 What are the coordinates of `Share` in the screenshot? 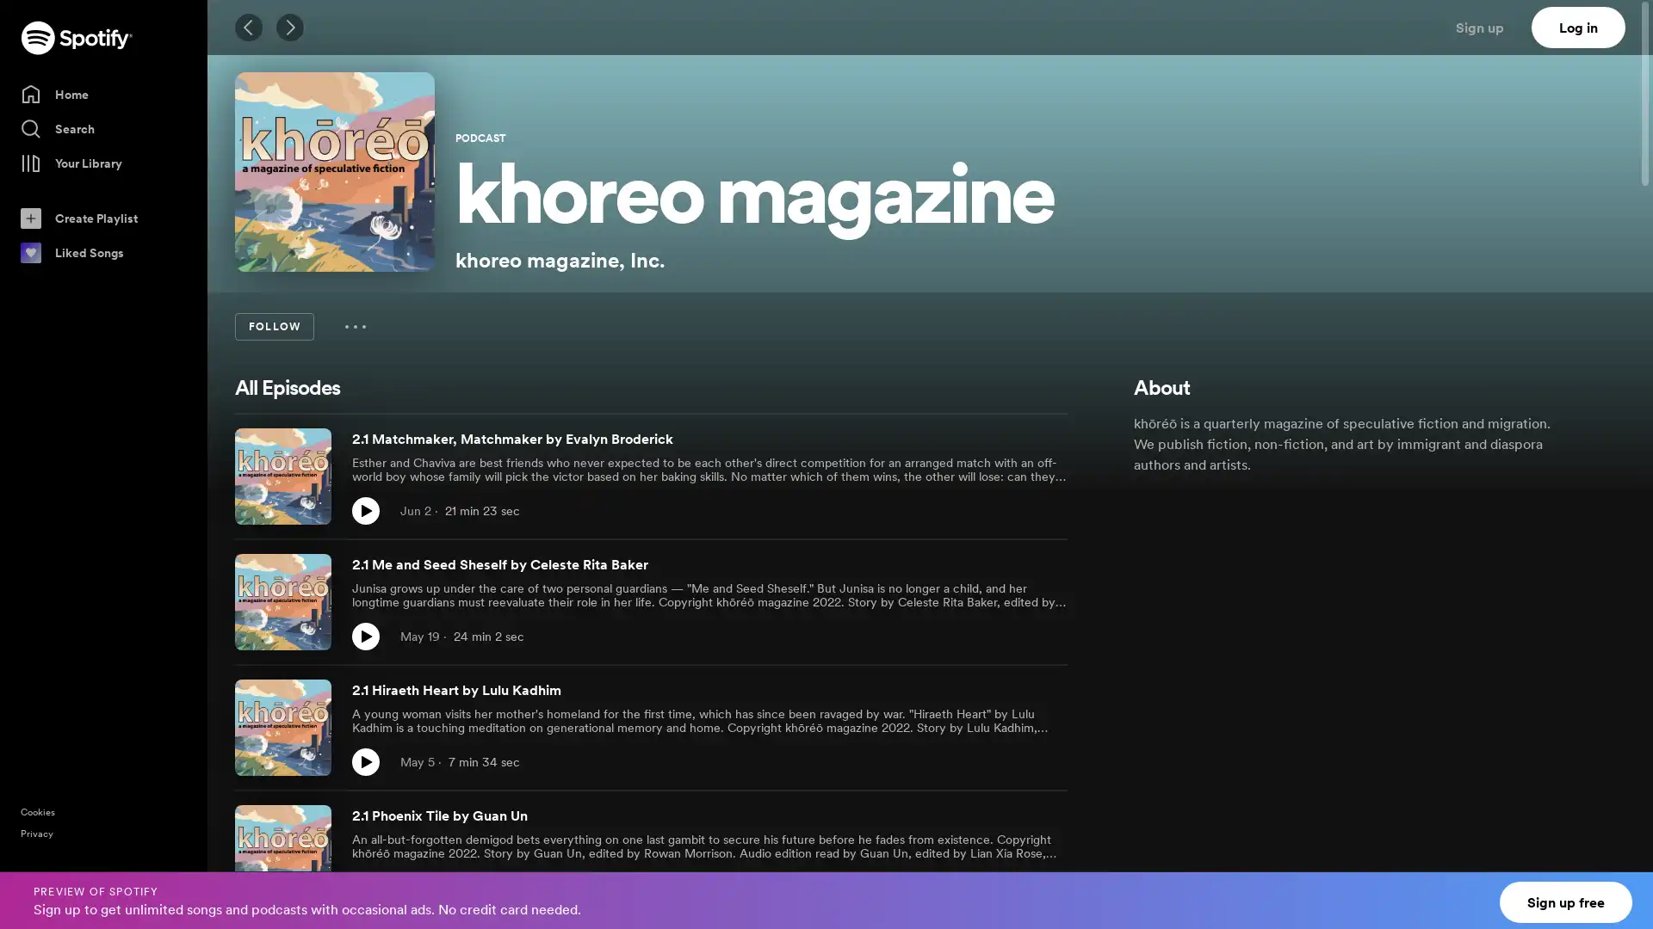 It's located at (1016, 637).